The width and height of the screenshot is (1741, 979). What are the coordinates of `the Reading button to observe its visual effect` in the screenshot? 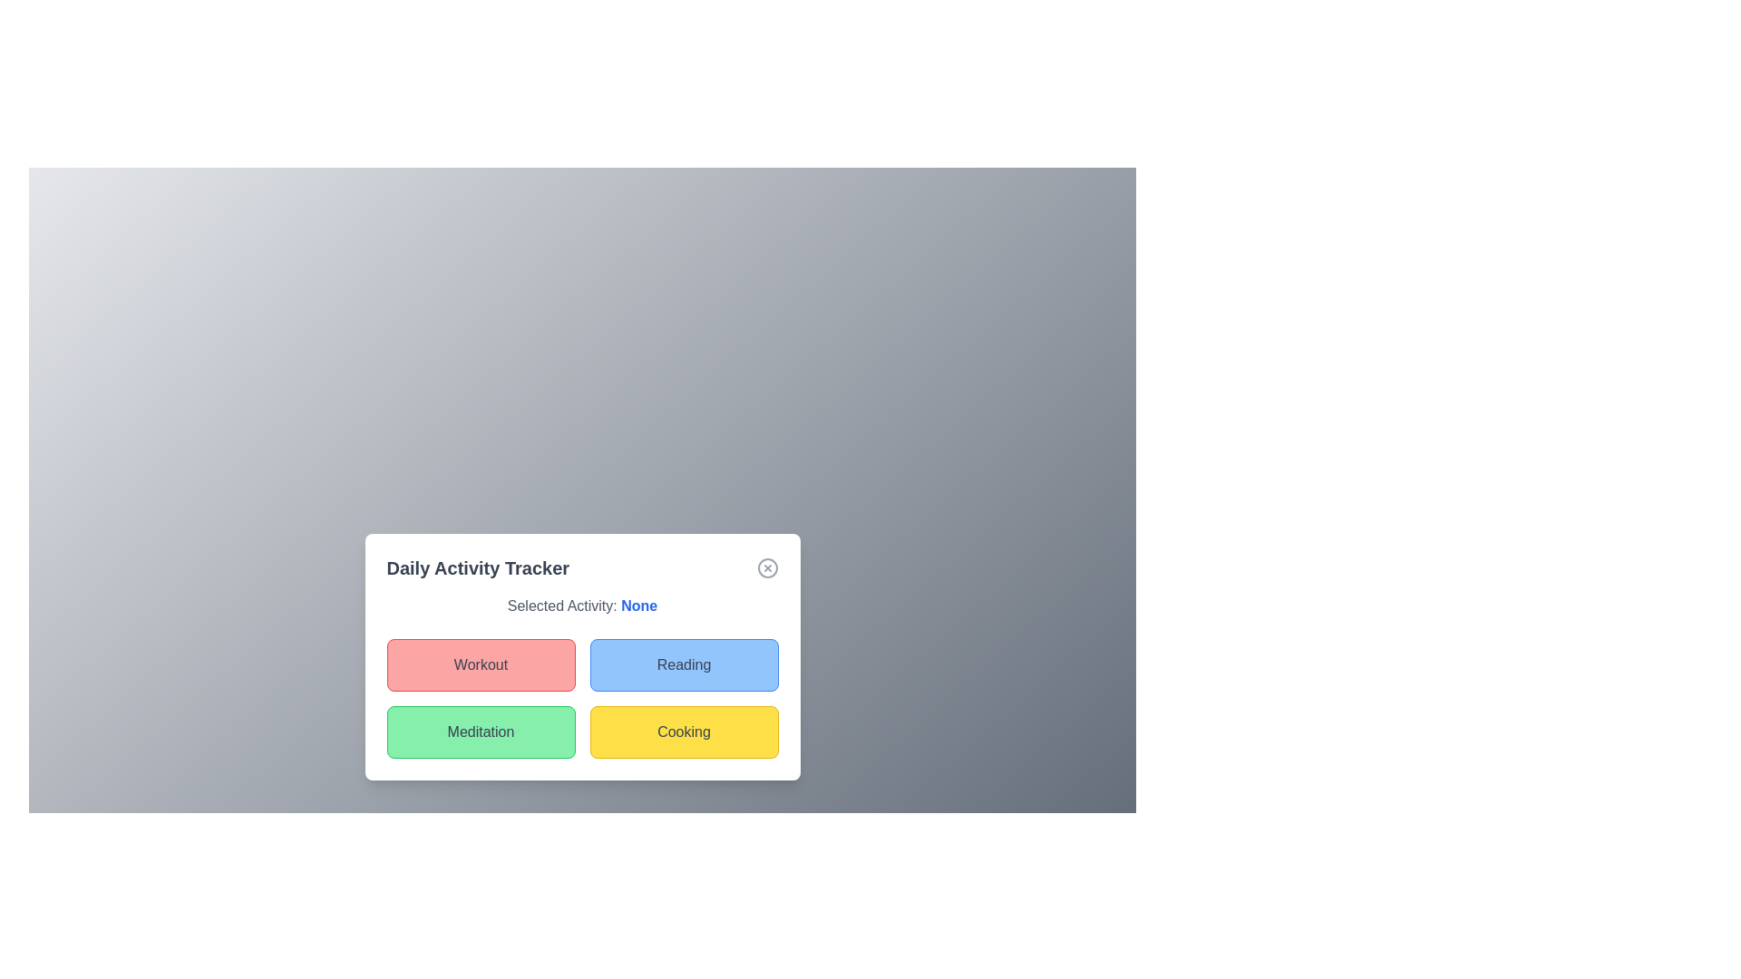 It's located at (683, 664).